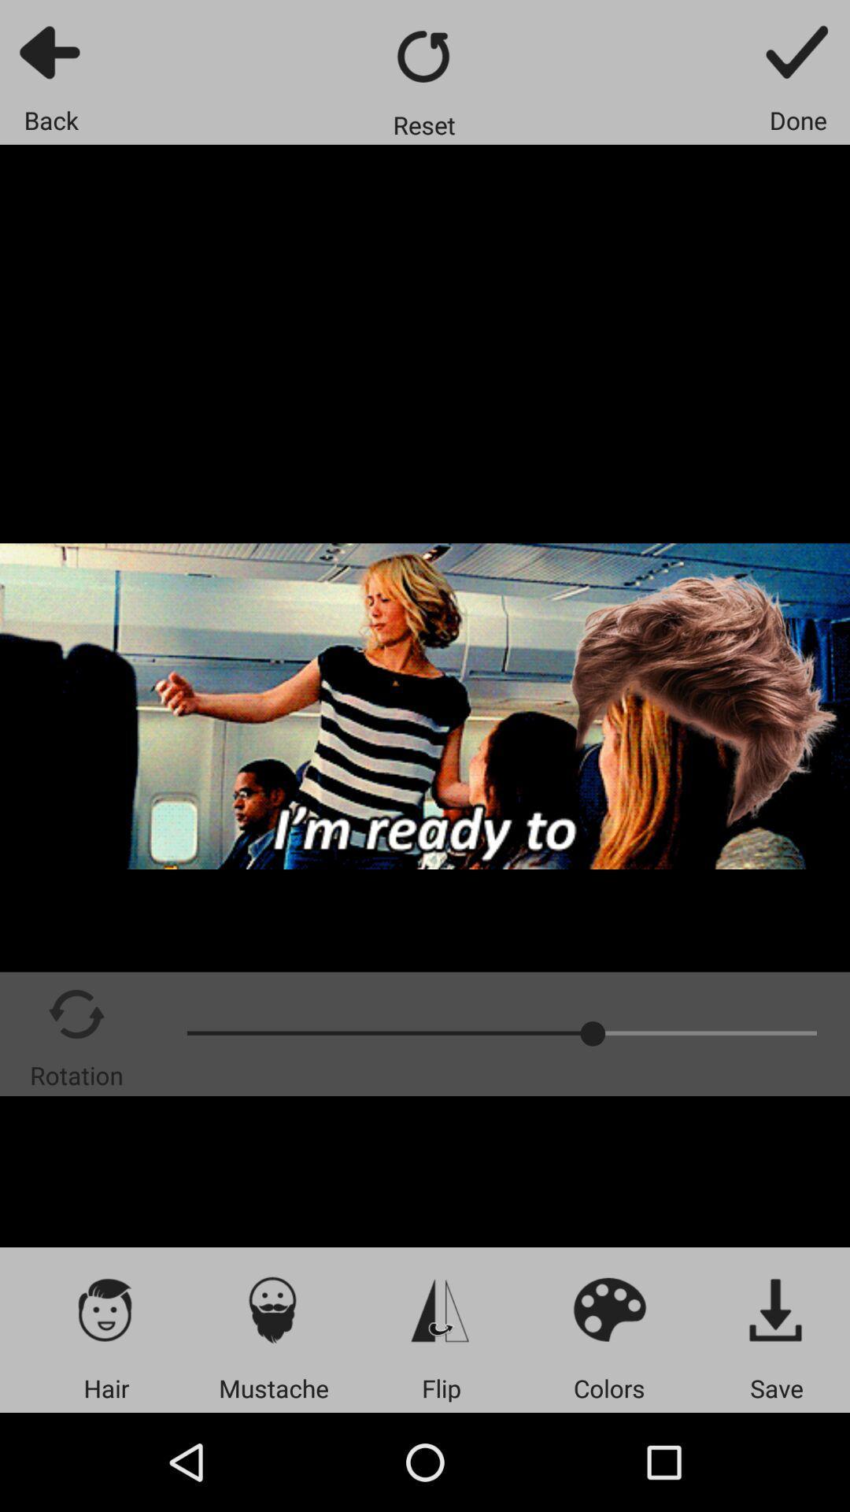  What do you see at coordinates (776, 1309) in the screenshot?
I see `icon above save icon` at bounding box center [776, 1309].